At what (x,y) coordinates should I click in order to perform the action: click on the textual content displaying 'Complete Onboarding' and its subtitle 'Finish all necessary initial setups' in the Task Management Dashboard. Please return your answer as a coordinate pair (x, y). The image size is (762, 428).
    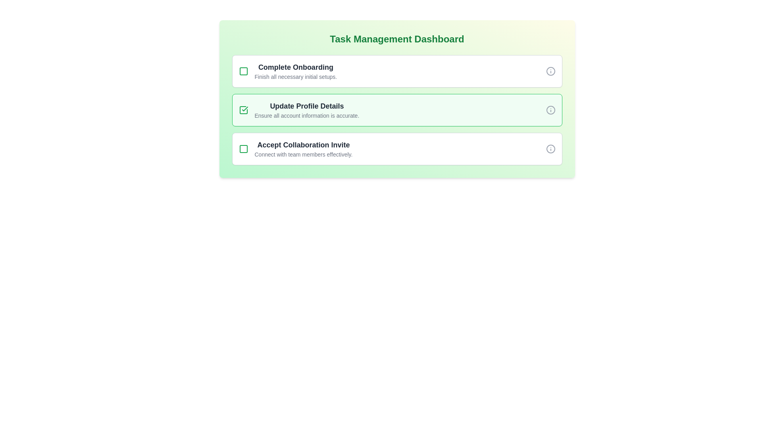
    Looking at the image, I should click on (295, 71).